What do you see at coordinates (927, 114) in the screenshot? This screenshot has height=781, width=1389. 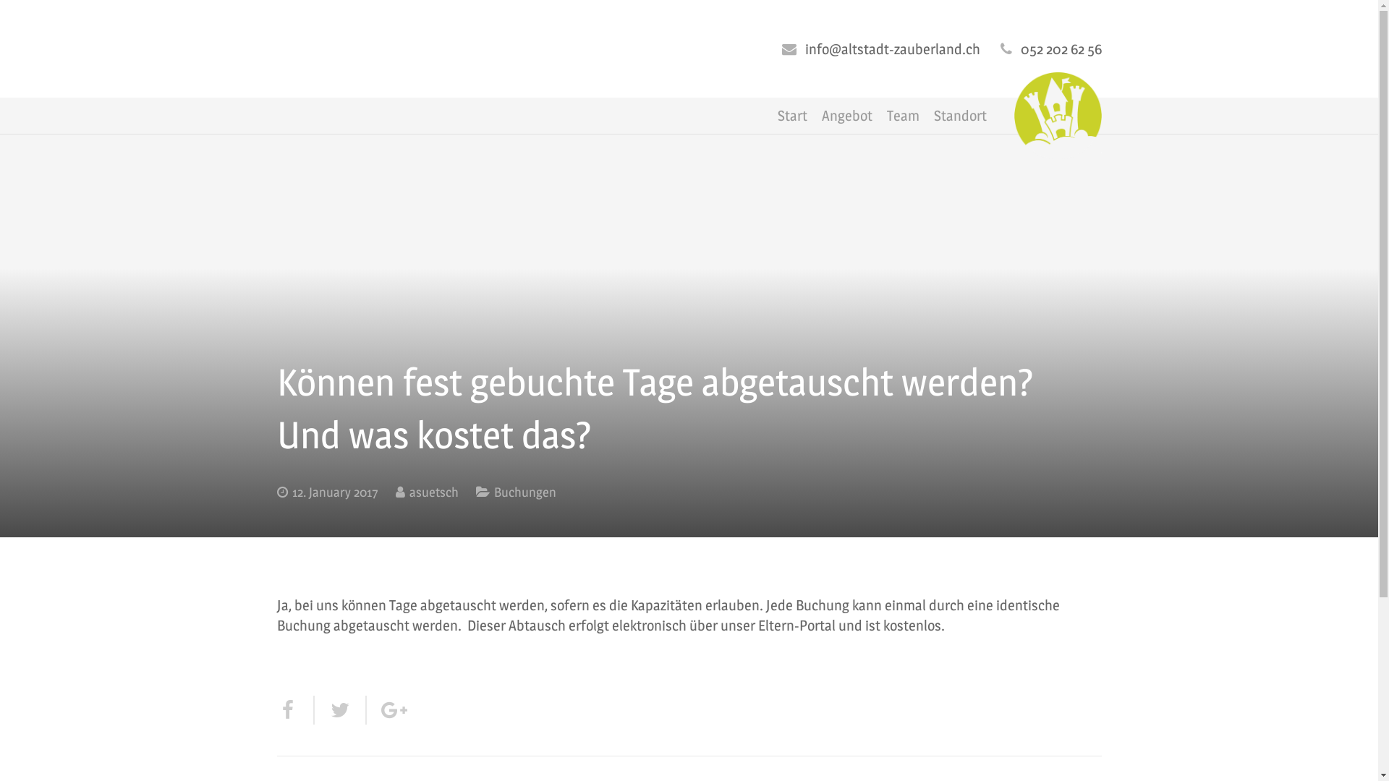 I see `'Standort'` at bounding box center [927, 114].